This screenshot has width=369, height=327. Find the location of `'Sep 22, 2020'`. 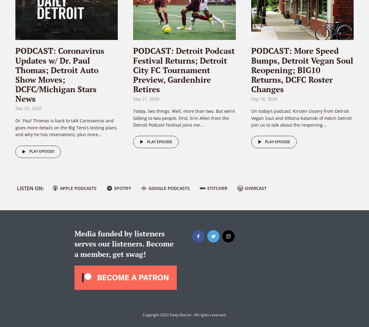

'Sep 22, 2020' is located at coordinates (28, 108).